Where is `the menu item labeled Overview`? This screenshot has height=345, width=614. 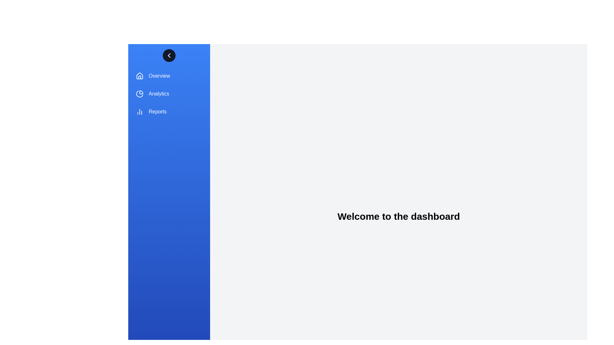
the menu item labeled Overview is located at coordinates (169, 76).